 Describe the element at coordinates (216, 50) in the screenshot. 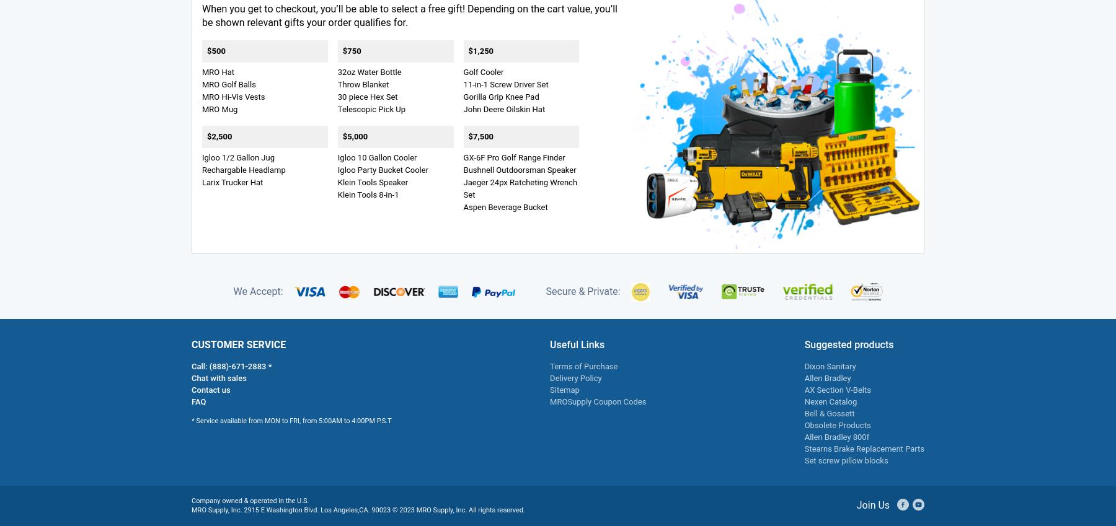

I see `'$500'` at that location.